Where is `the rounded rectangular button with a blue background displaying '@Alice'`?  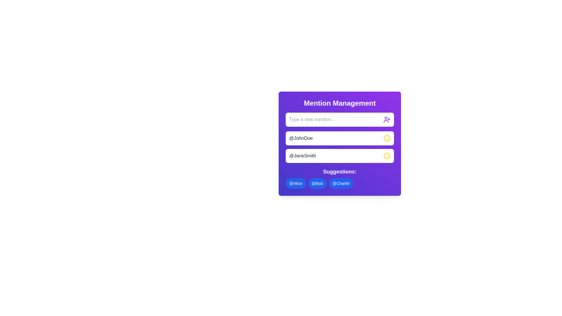
the rounded rectangular button with a blue background displaying '@Alice' is located at coordinates (296, 183).